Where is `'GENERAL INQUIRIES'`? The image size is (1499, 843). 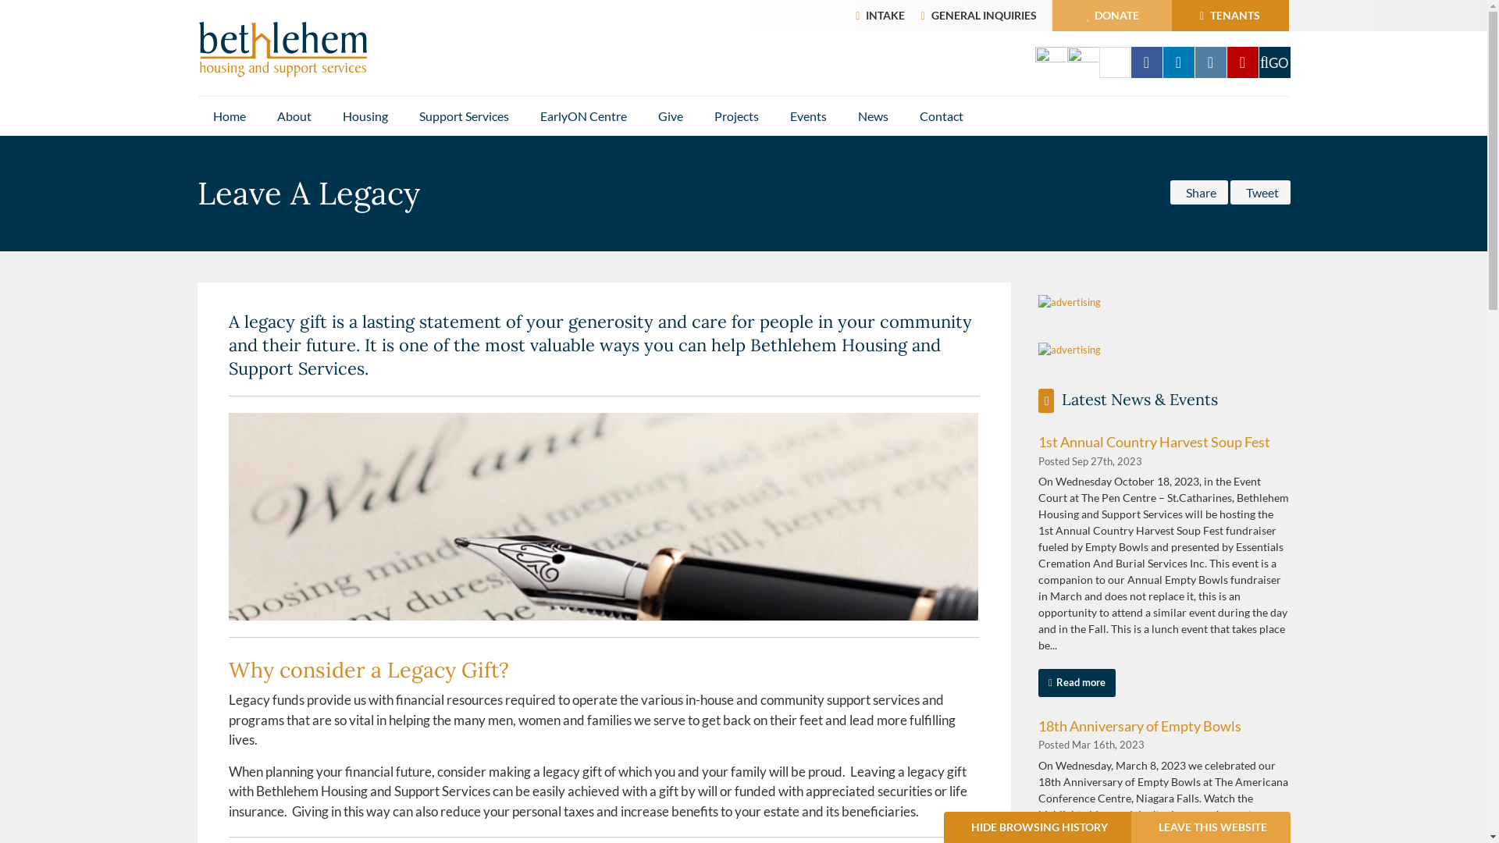
'GENERAL INQUIRIES' is located at coordinates (982, 15).